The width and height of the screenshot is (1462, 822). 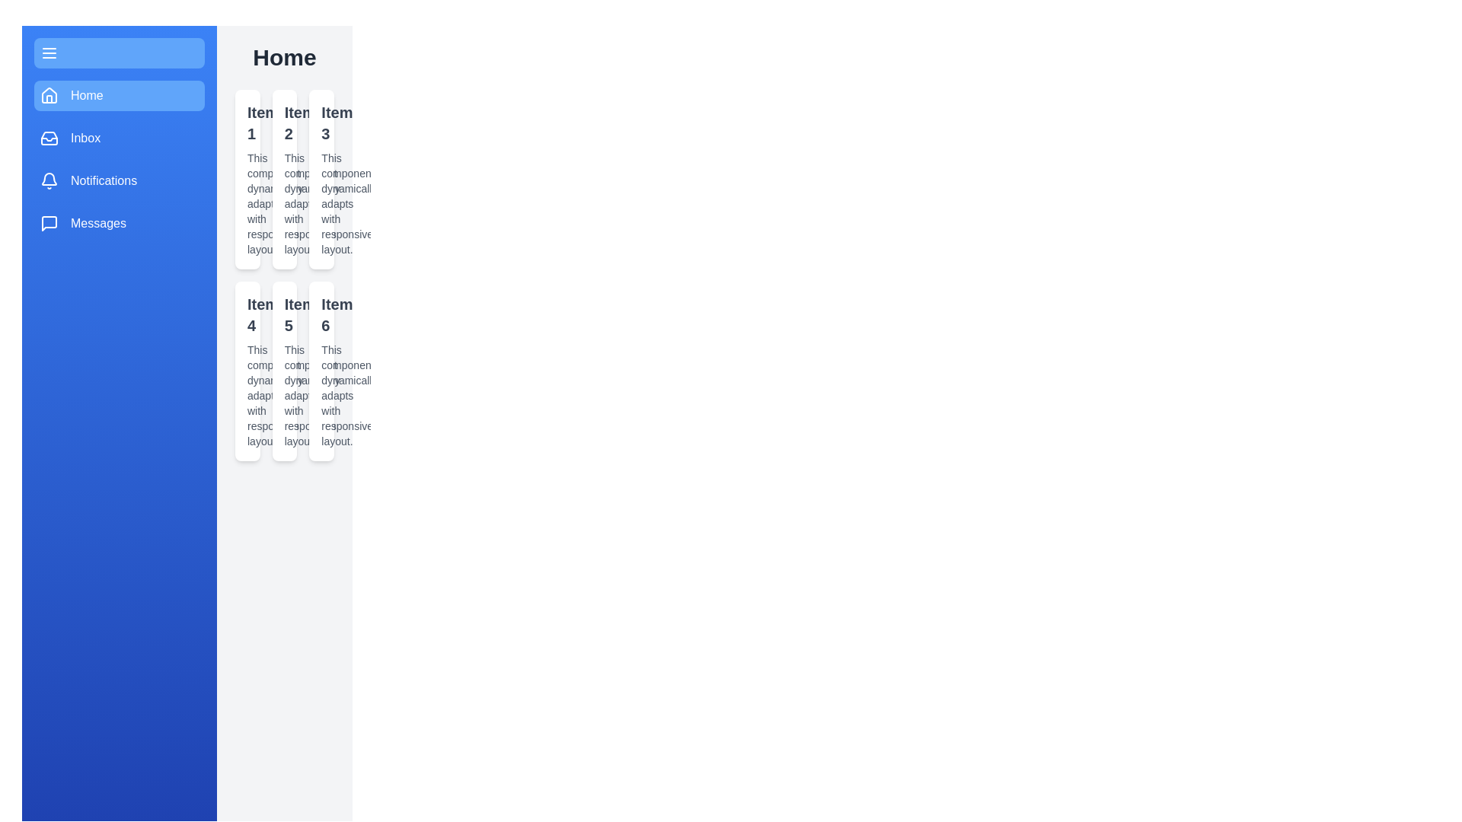 I want to click on the Card located in the middle column of the first row in a grid layout, situated between 'Item 1' and 'Item 3', so click(x=285, y=178).